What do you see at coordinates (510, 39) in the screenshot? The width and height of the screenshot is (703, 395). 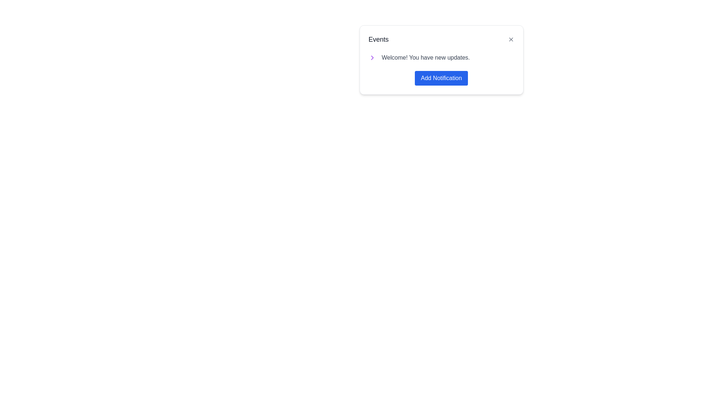 I see `the Close Icon, which is a diagonal cross located at the top-right corner of the card` at bounding box center [510, 39].